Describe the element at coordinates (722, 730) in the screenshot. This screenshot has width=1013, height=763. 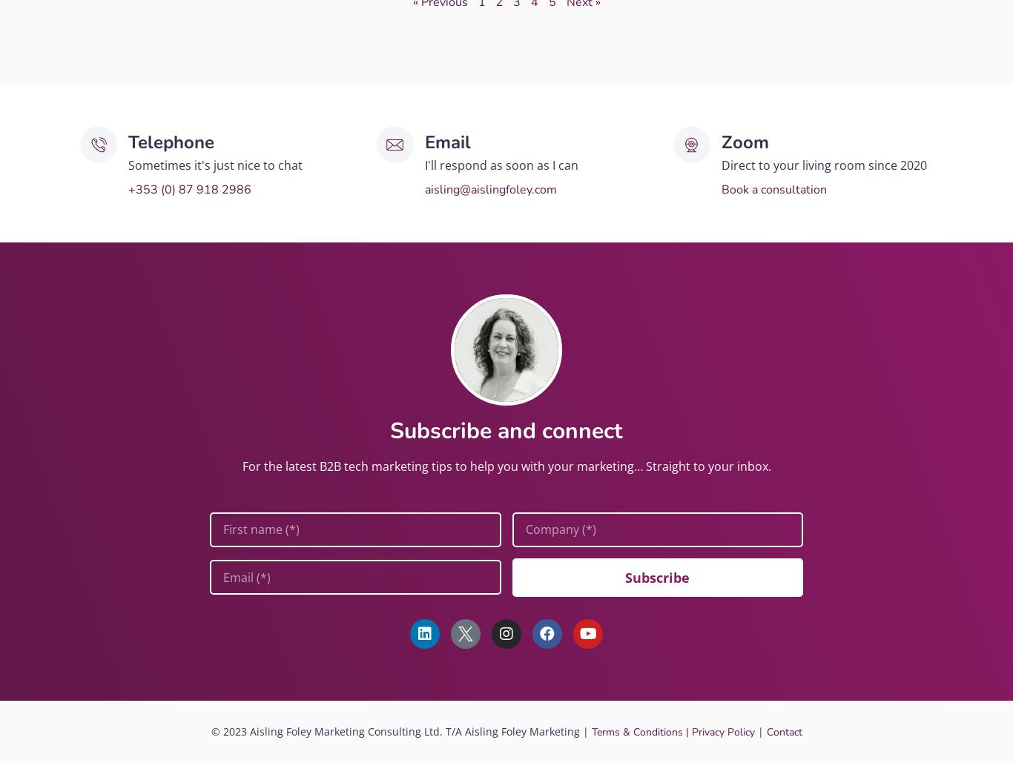
I see `'Privacy Policy'` at that location.